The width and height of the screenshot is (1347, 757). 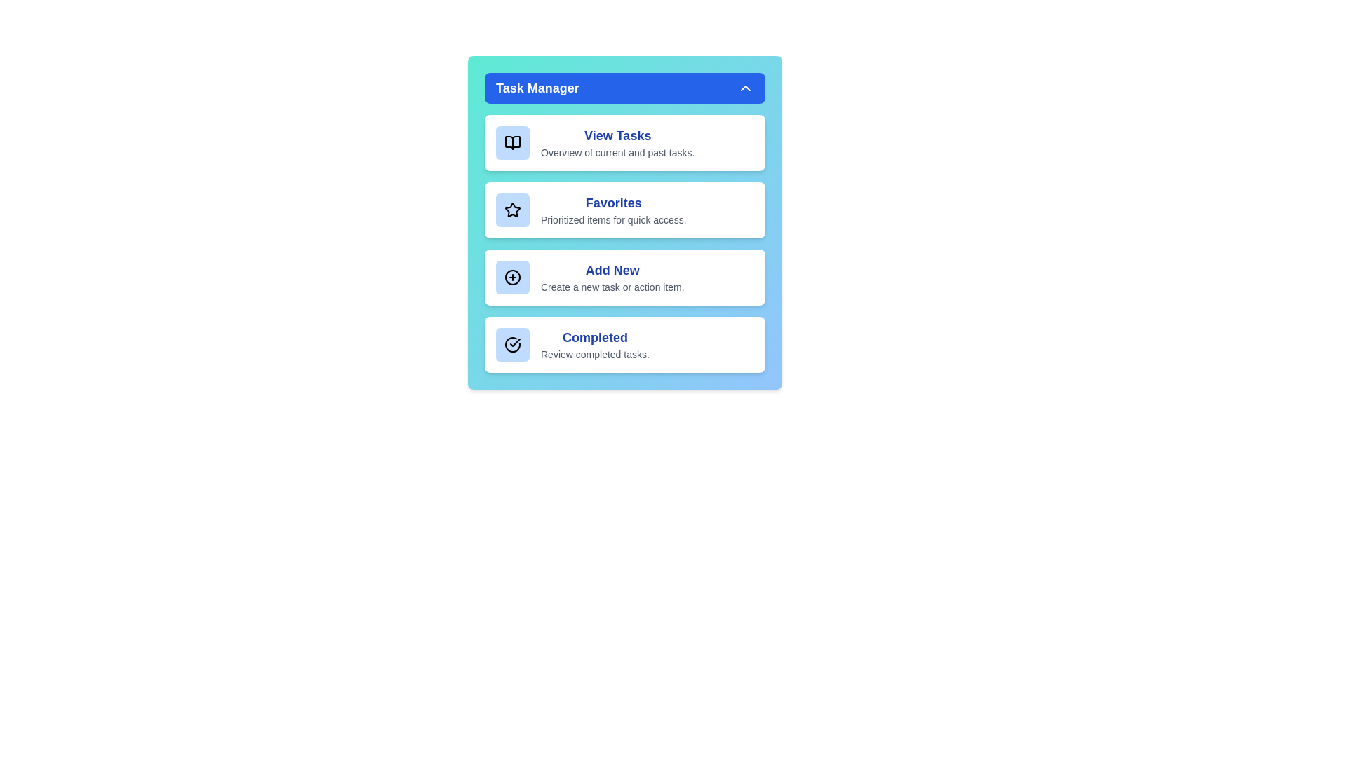 I want to click on the list item View Tasks to view its hover effect, so click(x=624, y=143).